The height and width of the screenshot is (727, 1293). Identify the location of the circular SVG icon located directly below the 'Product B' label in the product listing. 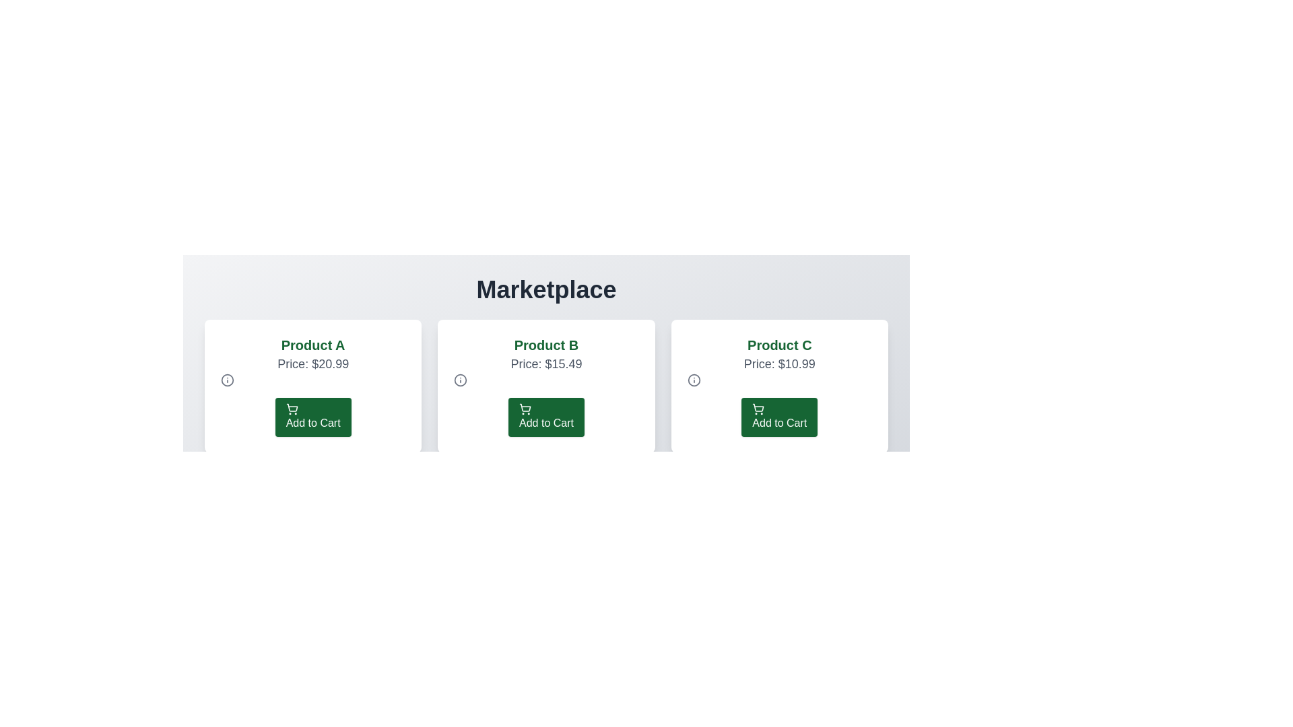
(227, 380).